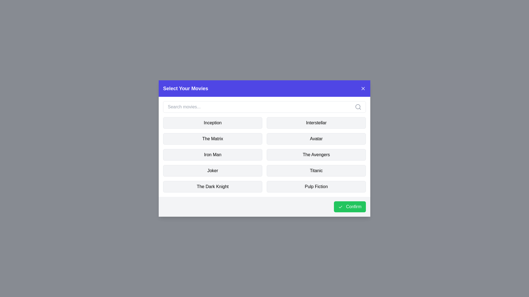 The image size is (529, 297). Describe the element at coordinates (212, 155) in the screenshot. I see `the movie named Iron Man to toggle its selection state` at that location.